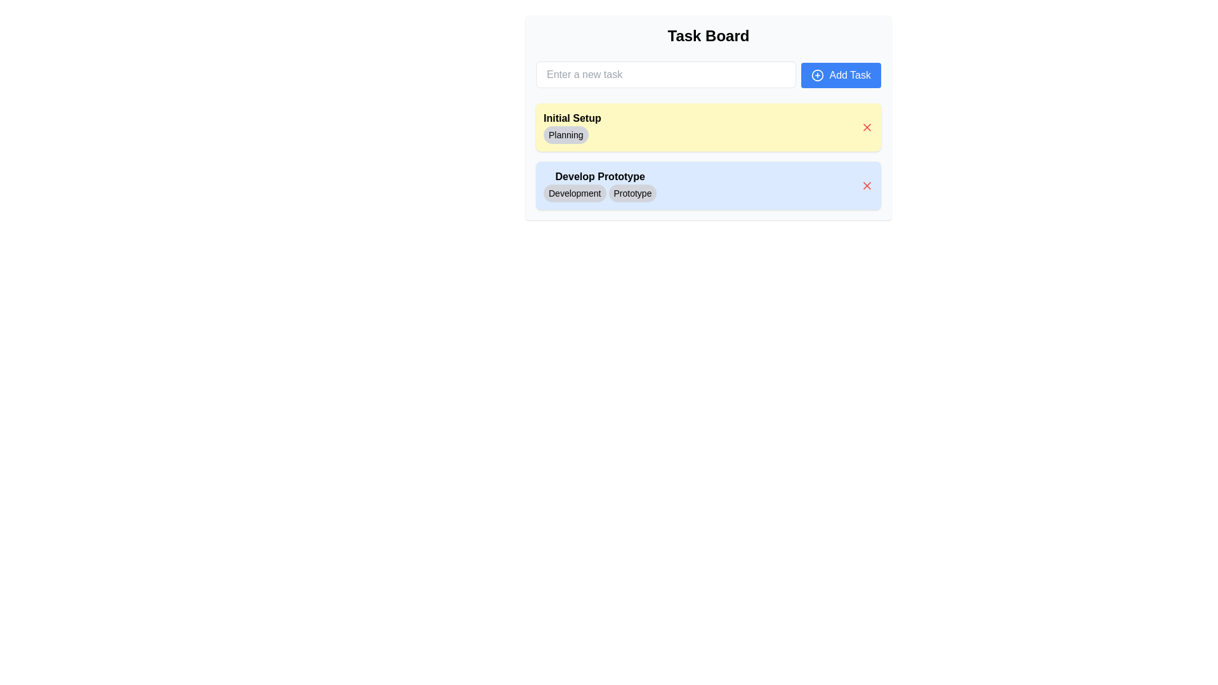 This screenshot has width=1218, height=685. What do you see at coordinates (818, 75) in the screenshot?
I see `the innermost circular component of the add-button icon, which is located adjacent to the 'Add Task' text button in the top right corner of the interface` at bounding box center [818, 75].